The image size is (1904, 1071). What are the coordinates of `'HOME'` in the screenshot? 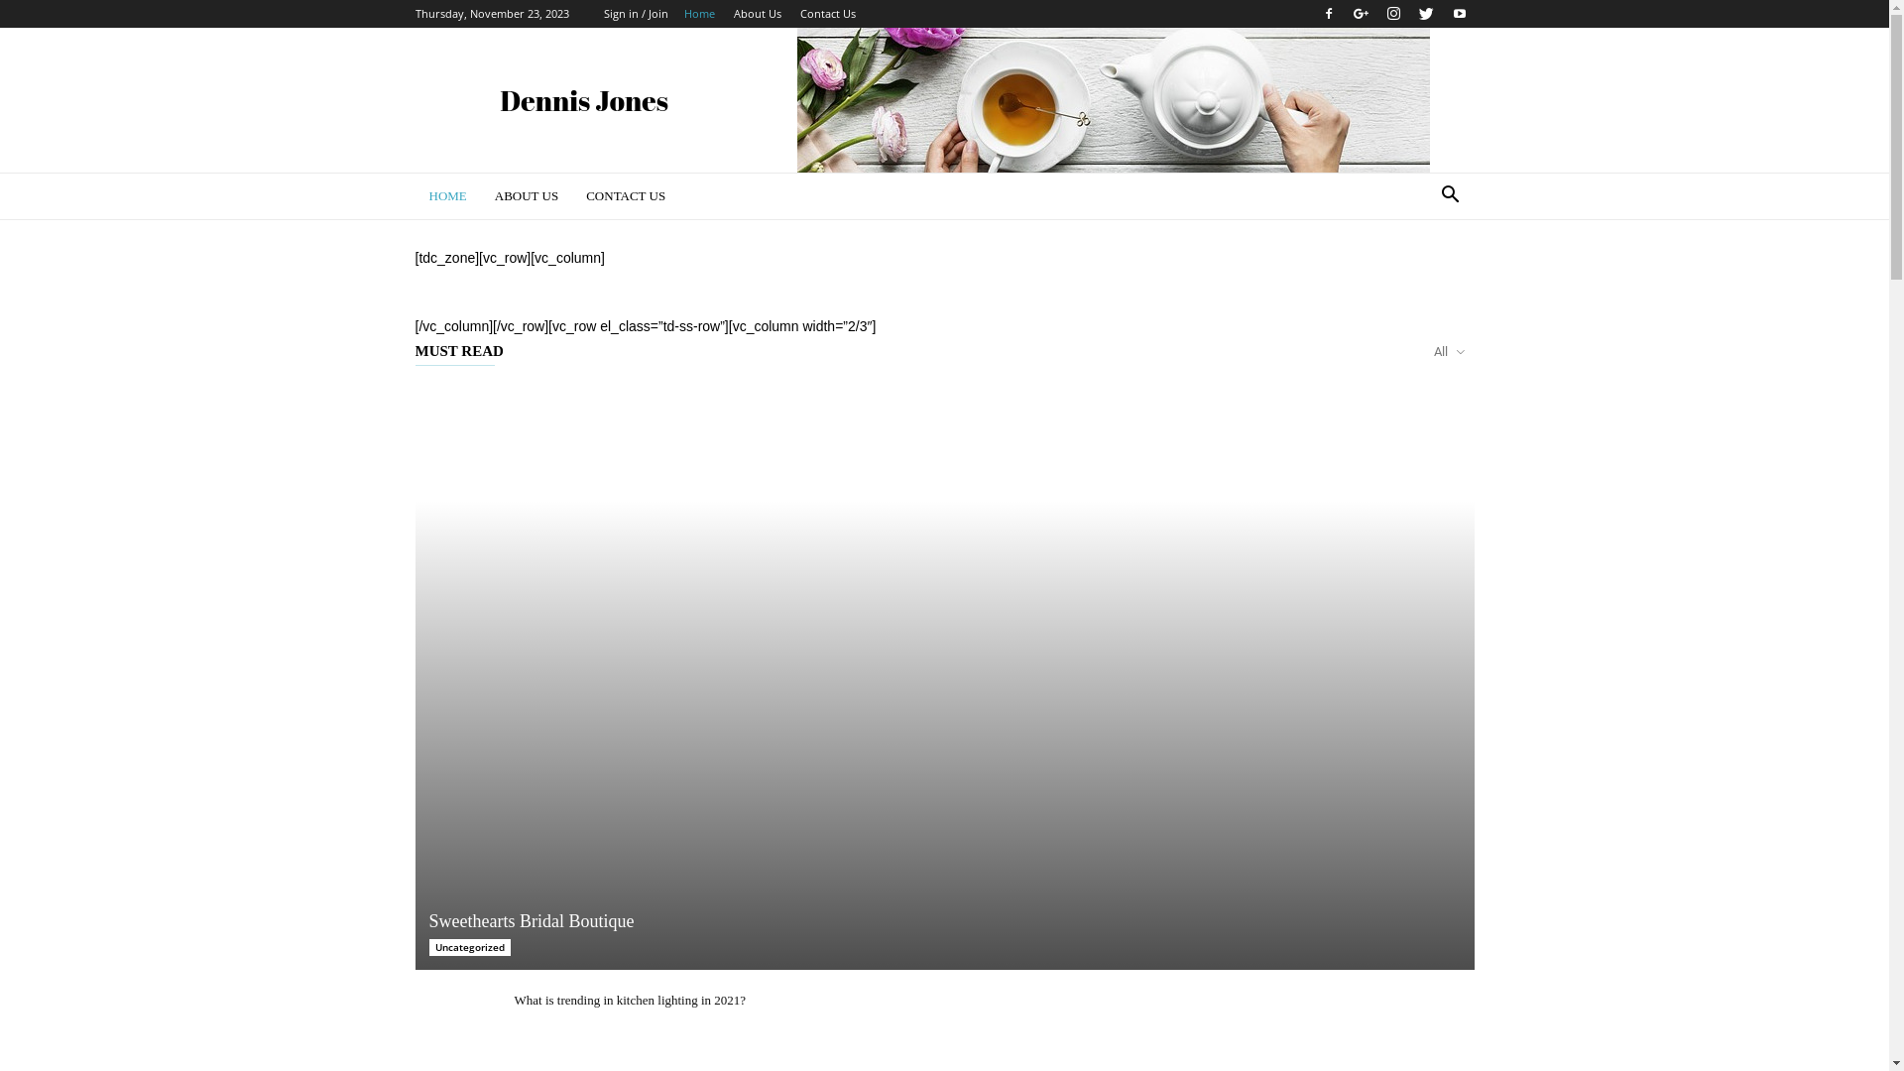 It's located at (446, 195).